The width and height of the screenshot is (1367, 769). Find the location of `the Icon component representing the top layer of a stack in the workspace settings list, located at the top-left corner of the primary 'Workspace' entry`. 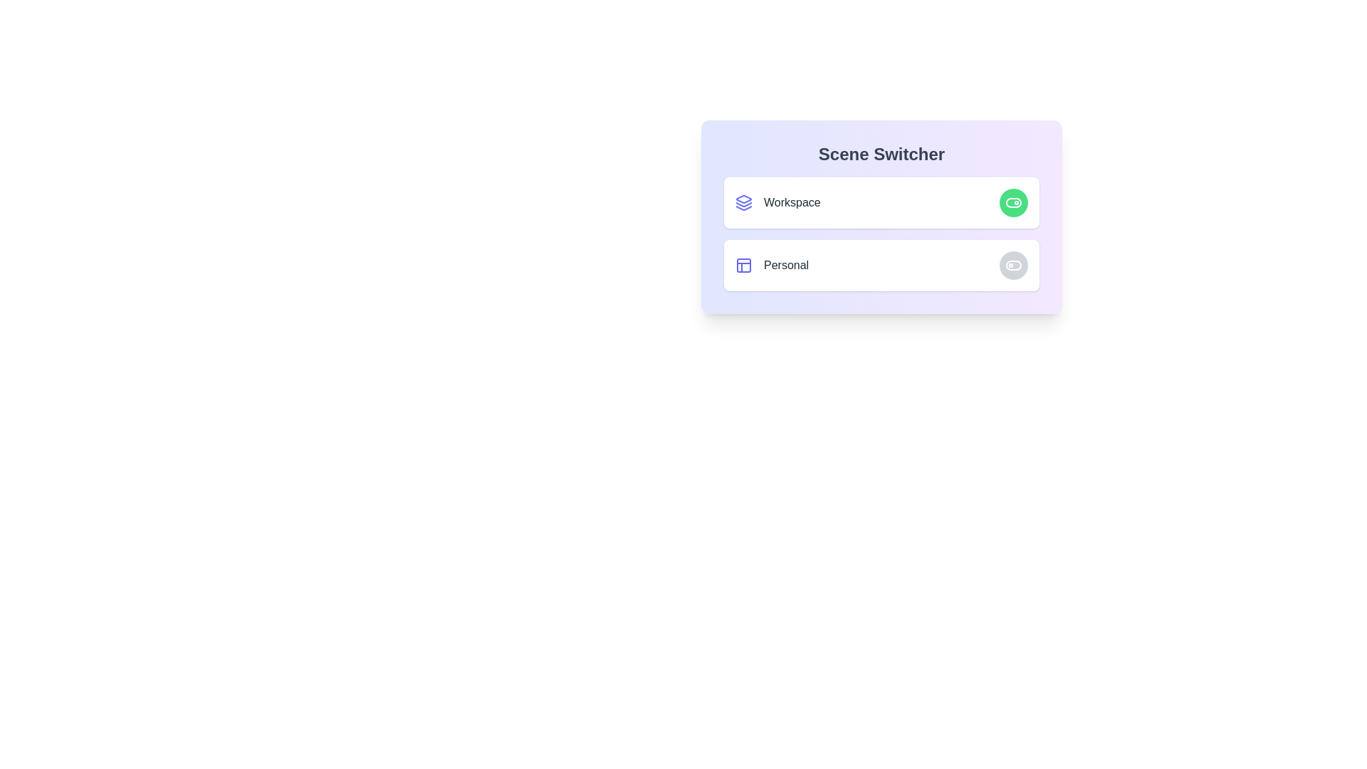

the Icon component representing the top layer of a stack in the workspace settings list, located at the top-left corner of the primary 'Workspace' entry is located at coordinates (743, 199).